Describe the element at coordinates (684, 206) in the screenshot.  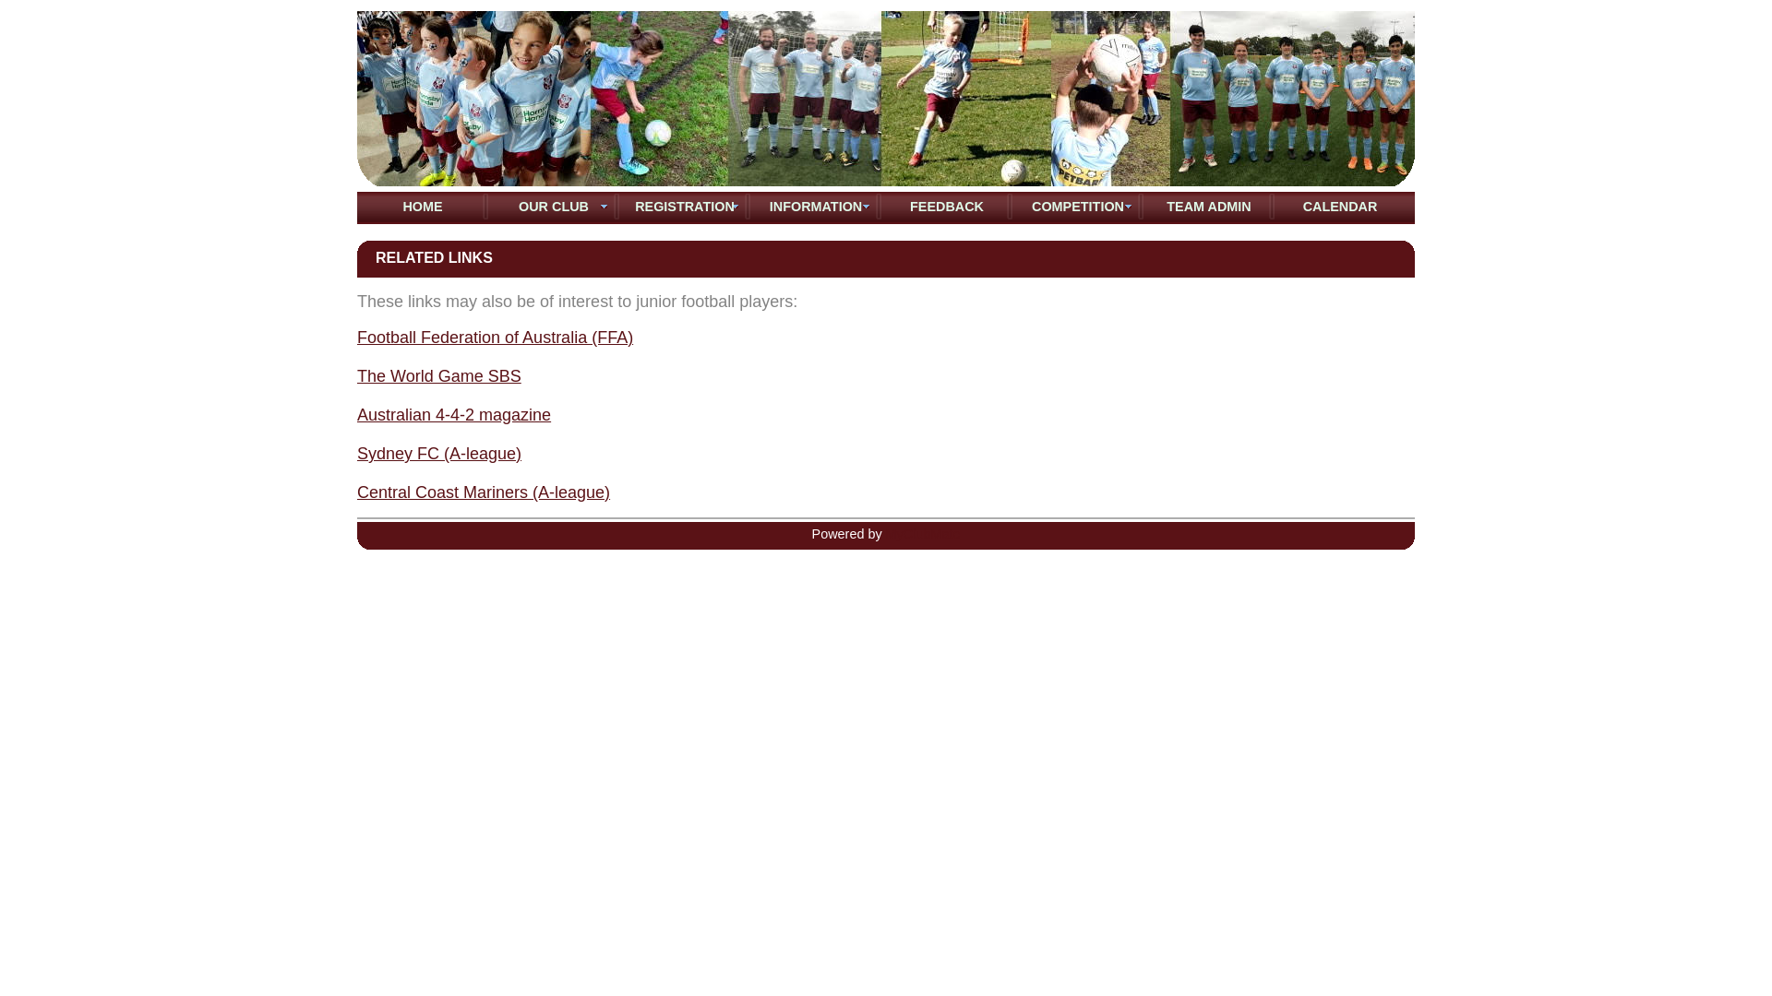
I see `'REGISTRATION'` at that location.